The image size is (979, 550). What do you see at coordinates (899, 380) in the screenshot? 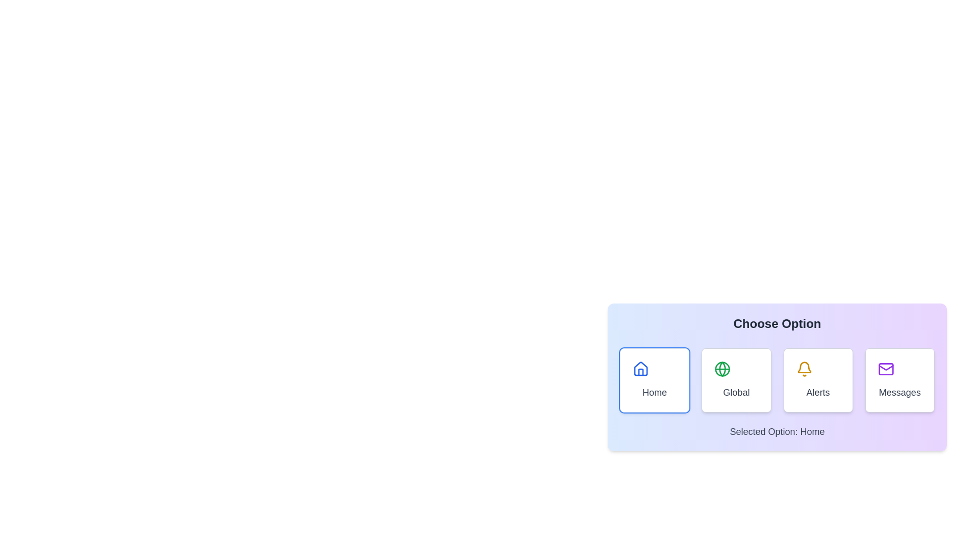
I see `the 'Messages' interactive button` at bounding box center [899, 380].